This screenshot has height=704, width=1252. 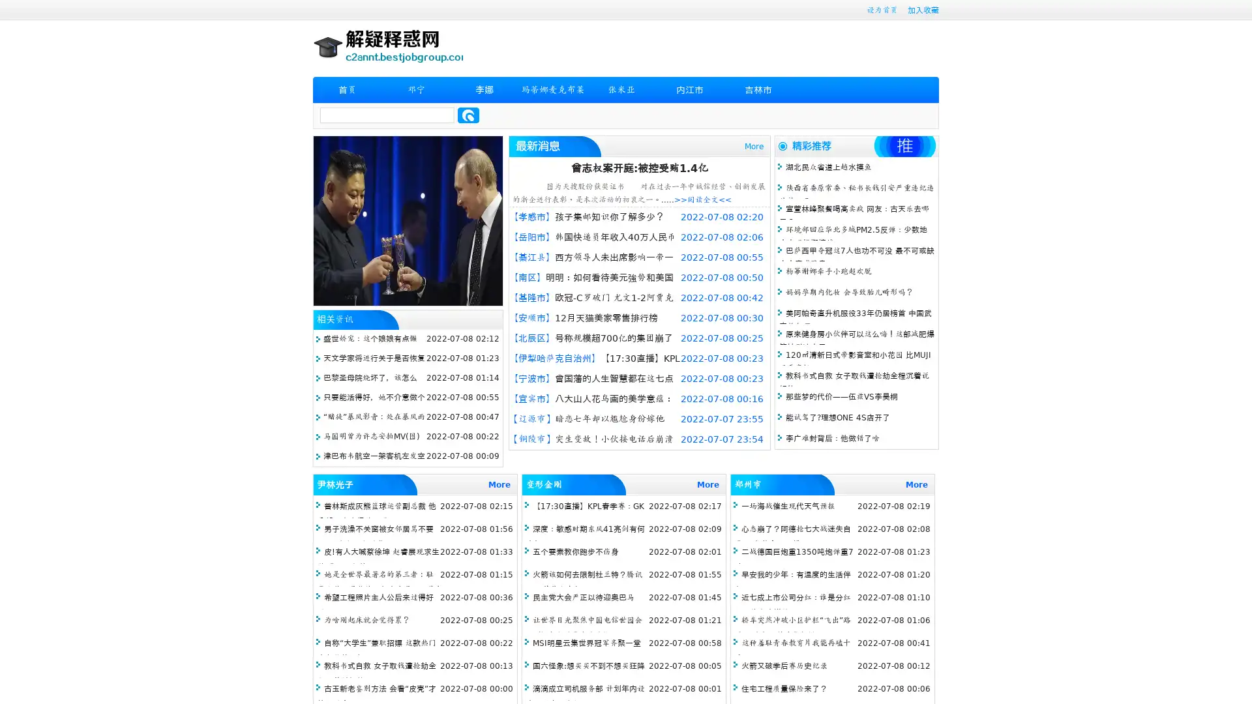 I want to click on Search, so click(x=468, y=115).